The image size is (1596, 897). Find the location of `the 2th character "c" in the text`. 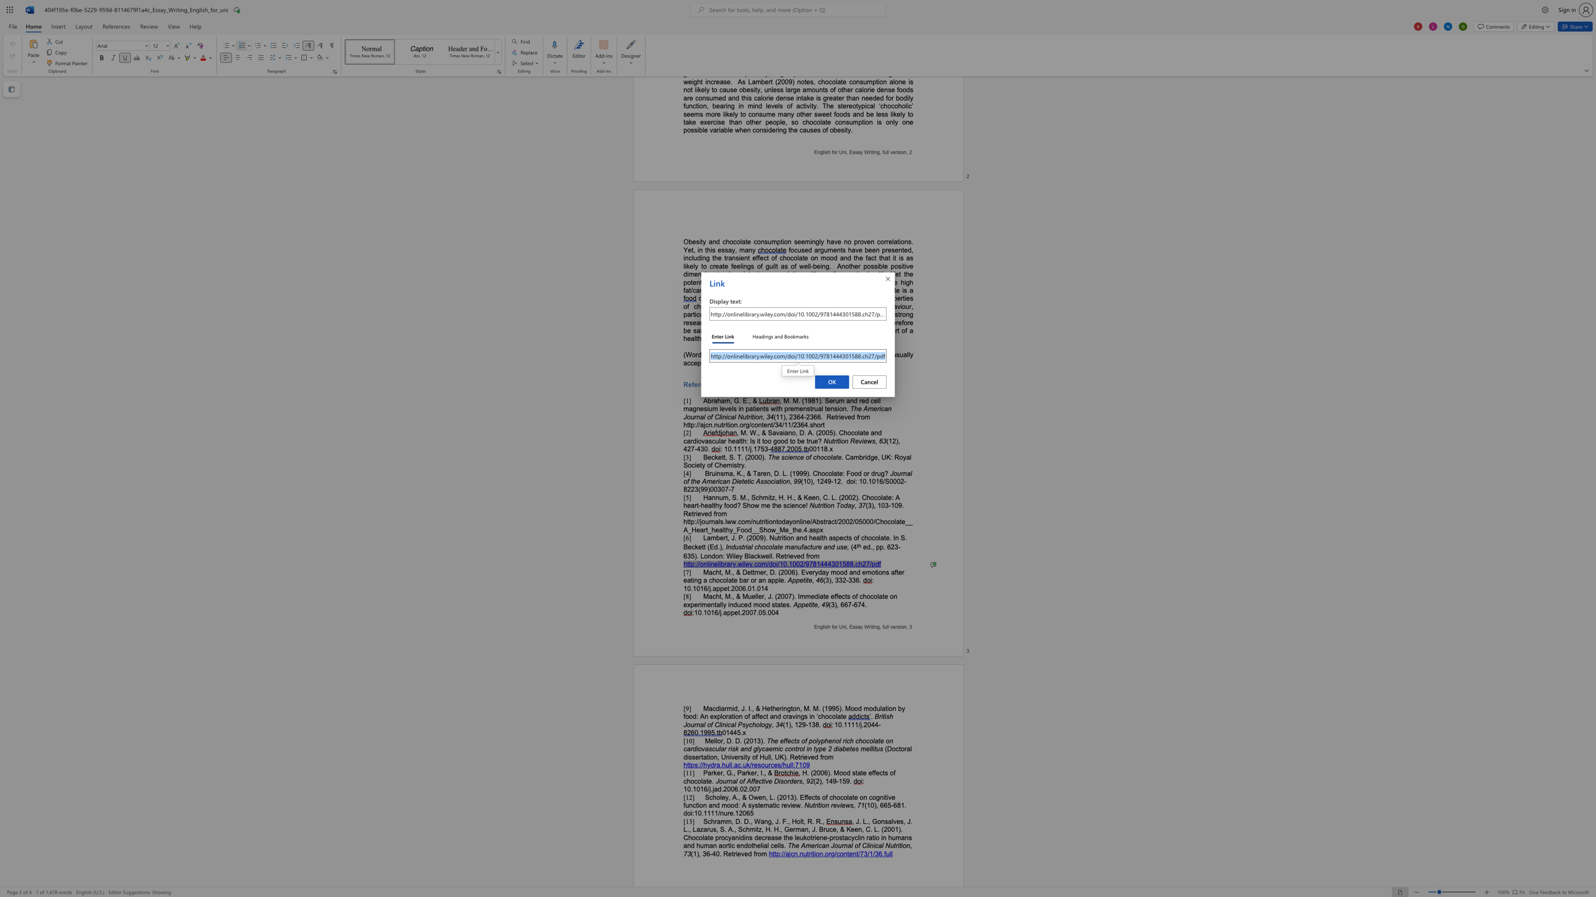

the 2th character "c" in the text is located at coordinates (771, 765).